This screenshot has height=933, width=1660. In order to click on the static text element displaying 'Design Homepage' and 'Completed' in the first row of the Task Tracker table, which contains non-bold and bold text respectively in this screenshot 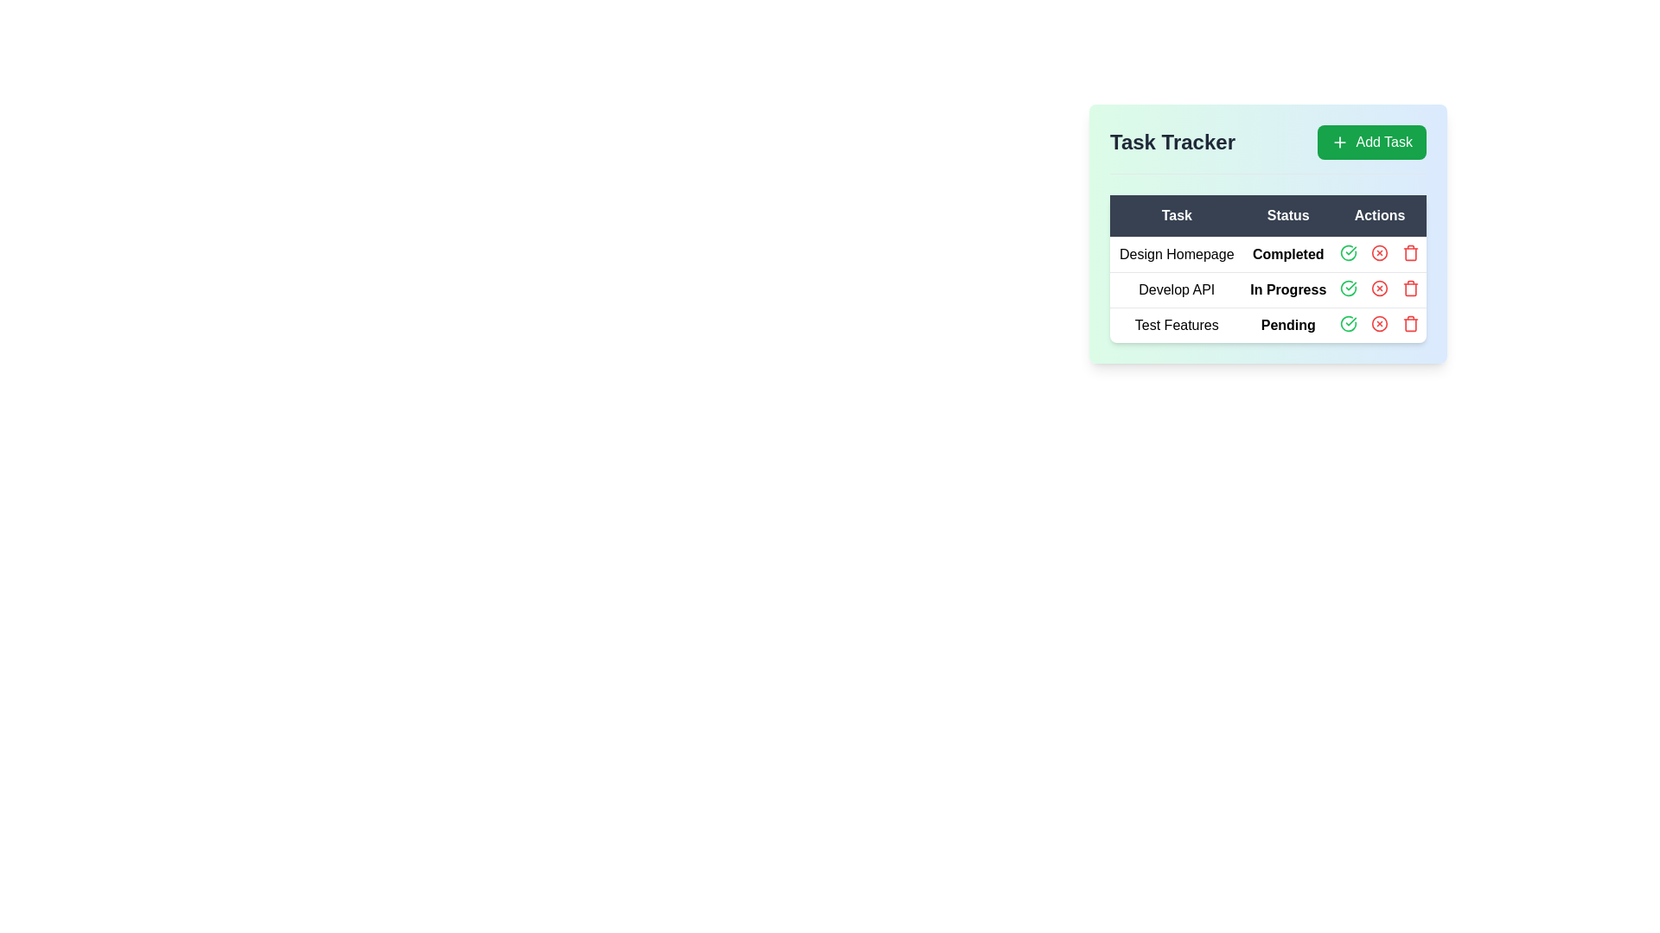, I will do `click(1268, 254)`.